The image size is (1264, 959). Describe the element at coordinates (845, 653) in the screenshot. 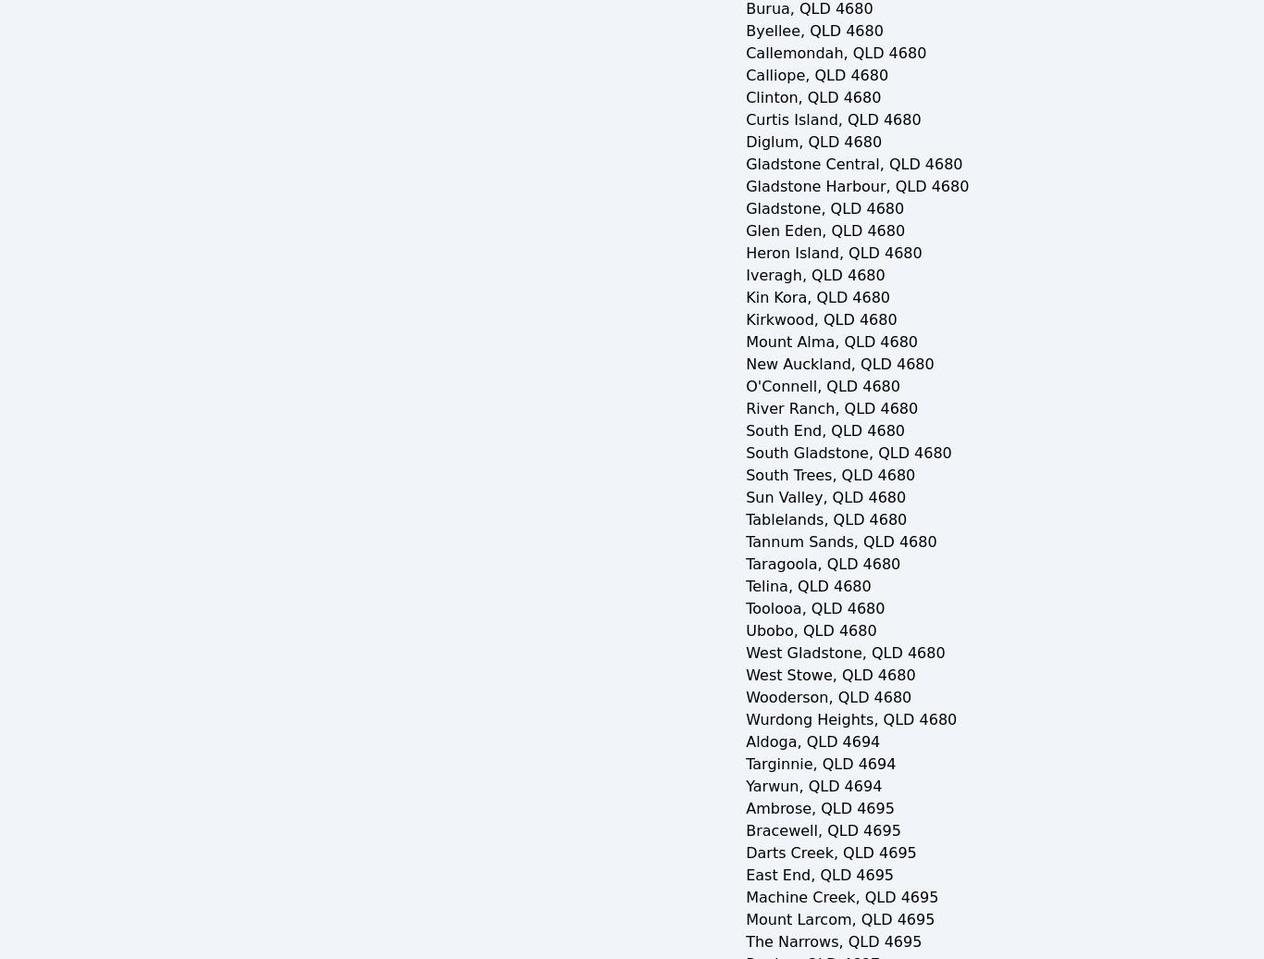

I see `'West Gladstone, QLD 4680'` at that location.